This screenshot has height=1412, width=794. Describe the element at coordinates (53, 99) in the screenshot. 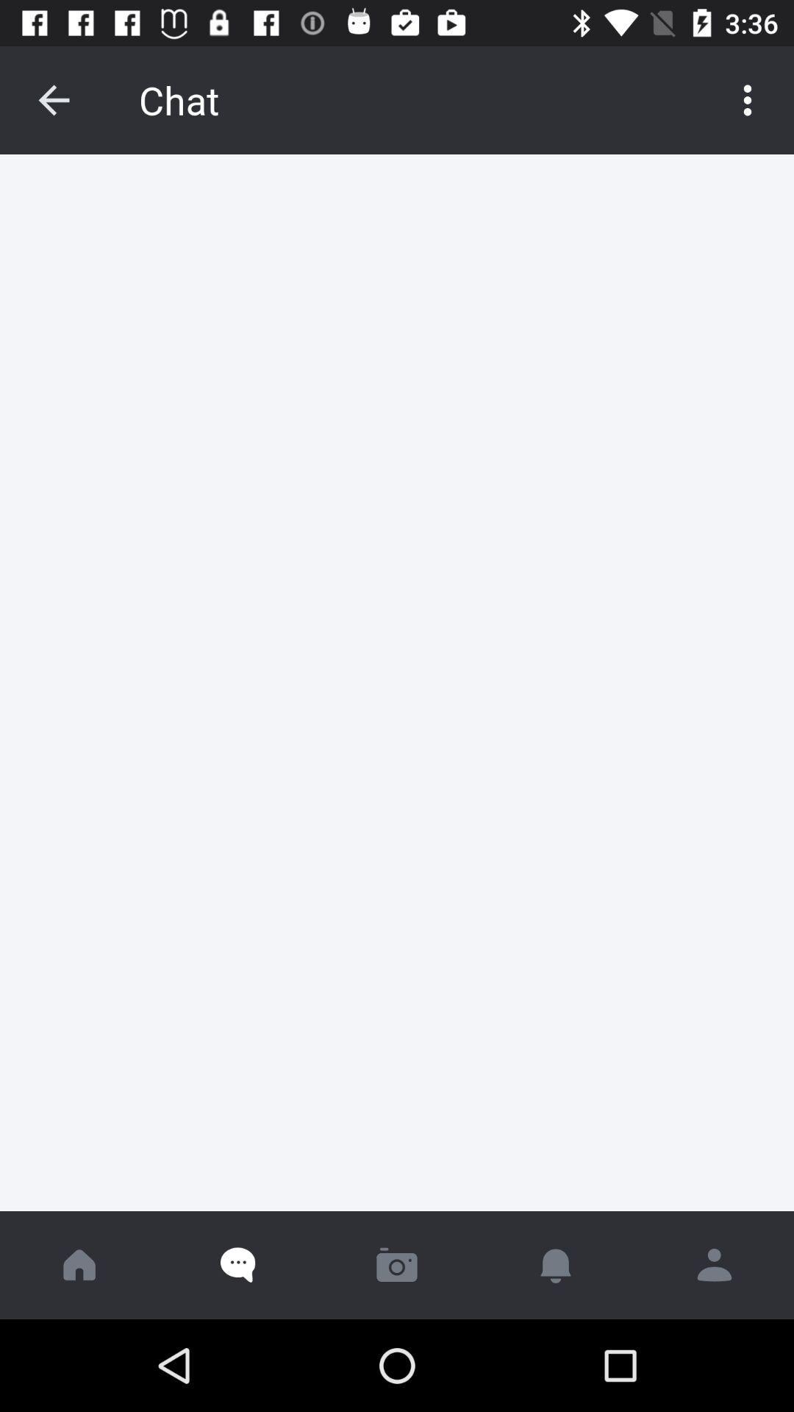

I see `the item next to the chat item` at that location.